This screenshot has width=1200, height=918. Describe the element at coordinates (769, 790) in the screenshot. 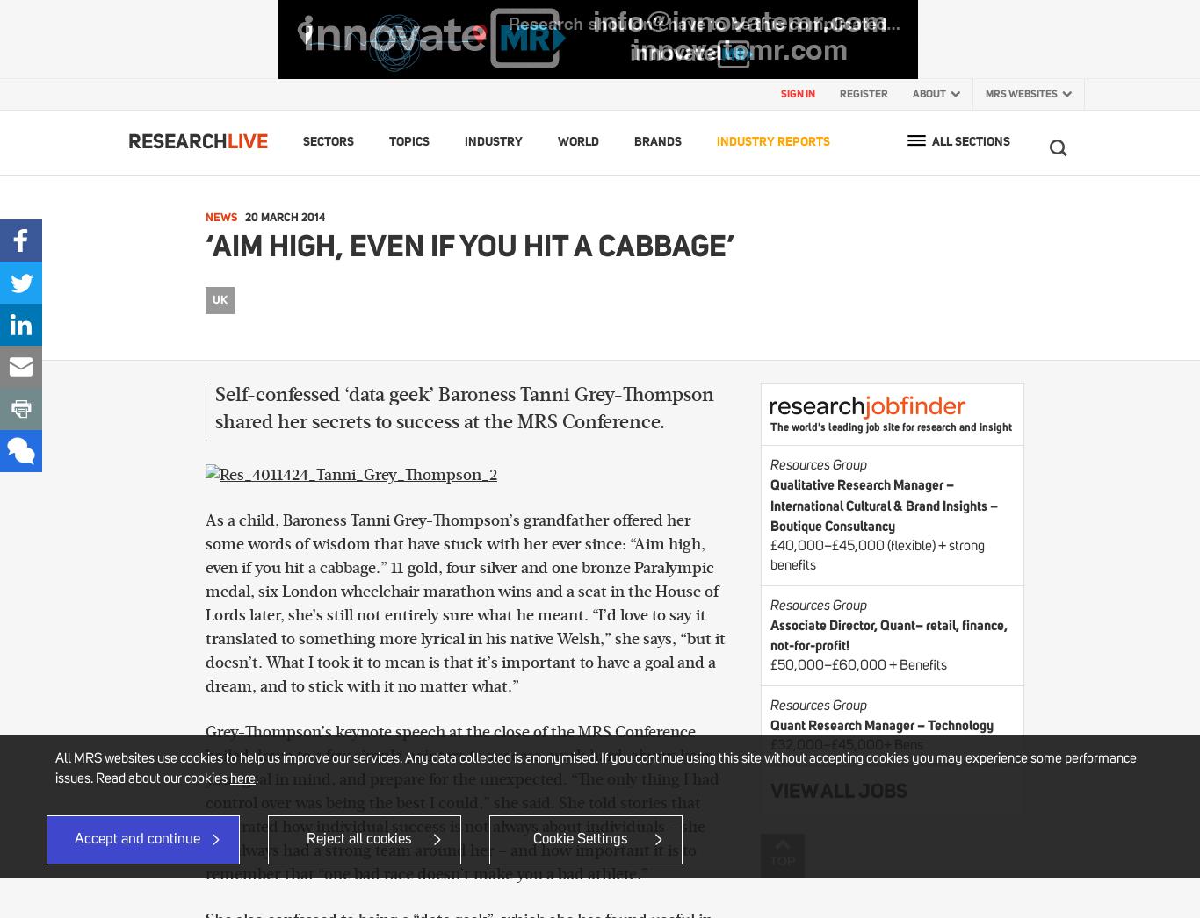

I see `'View All Jobs'` at that location.